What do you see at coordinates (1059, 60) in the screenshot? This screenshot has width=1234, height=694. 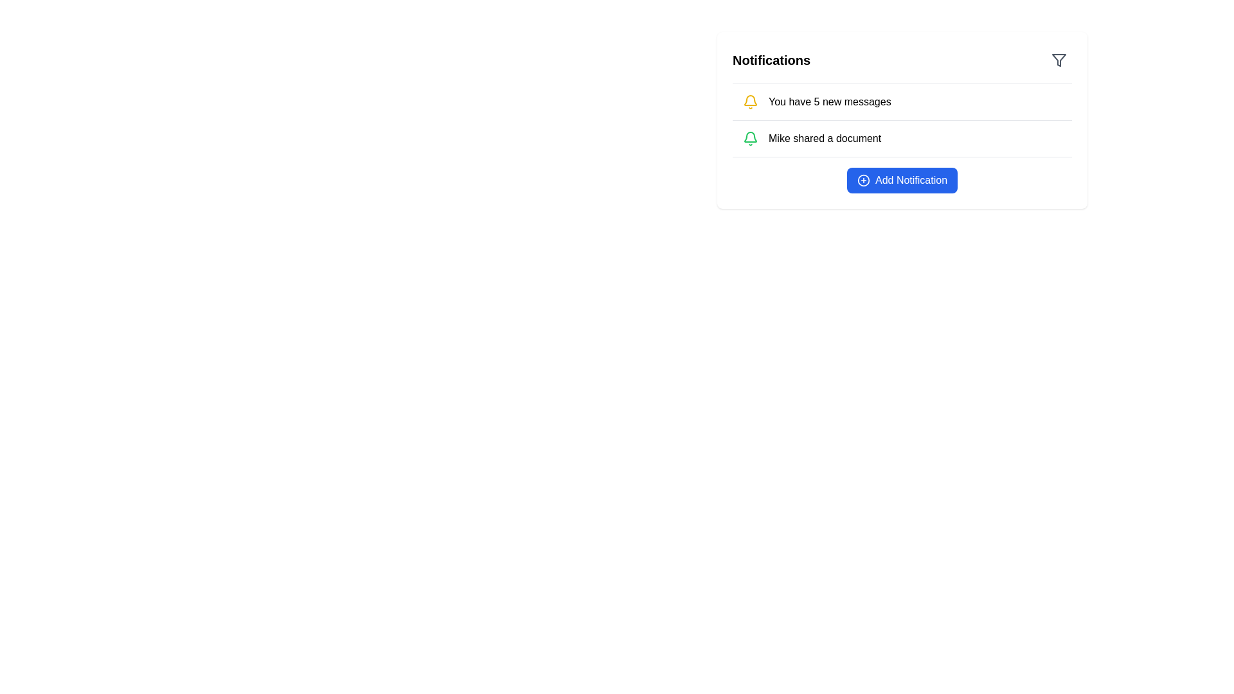 I see `the filter icon button located at the upper-right corner of the Notifications section` at bounding box center [1059, 60].